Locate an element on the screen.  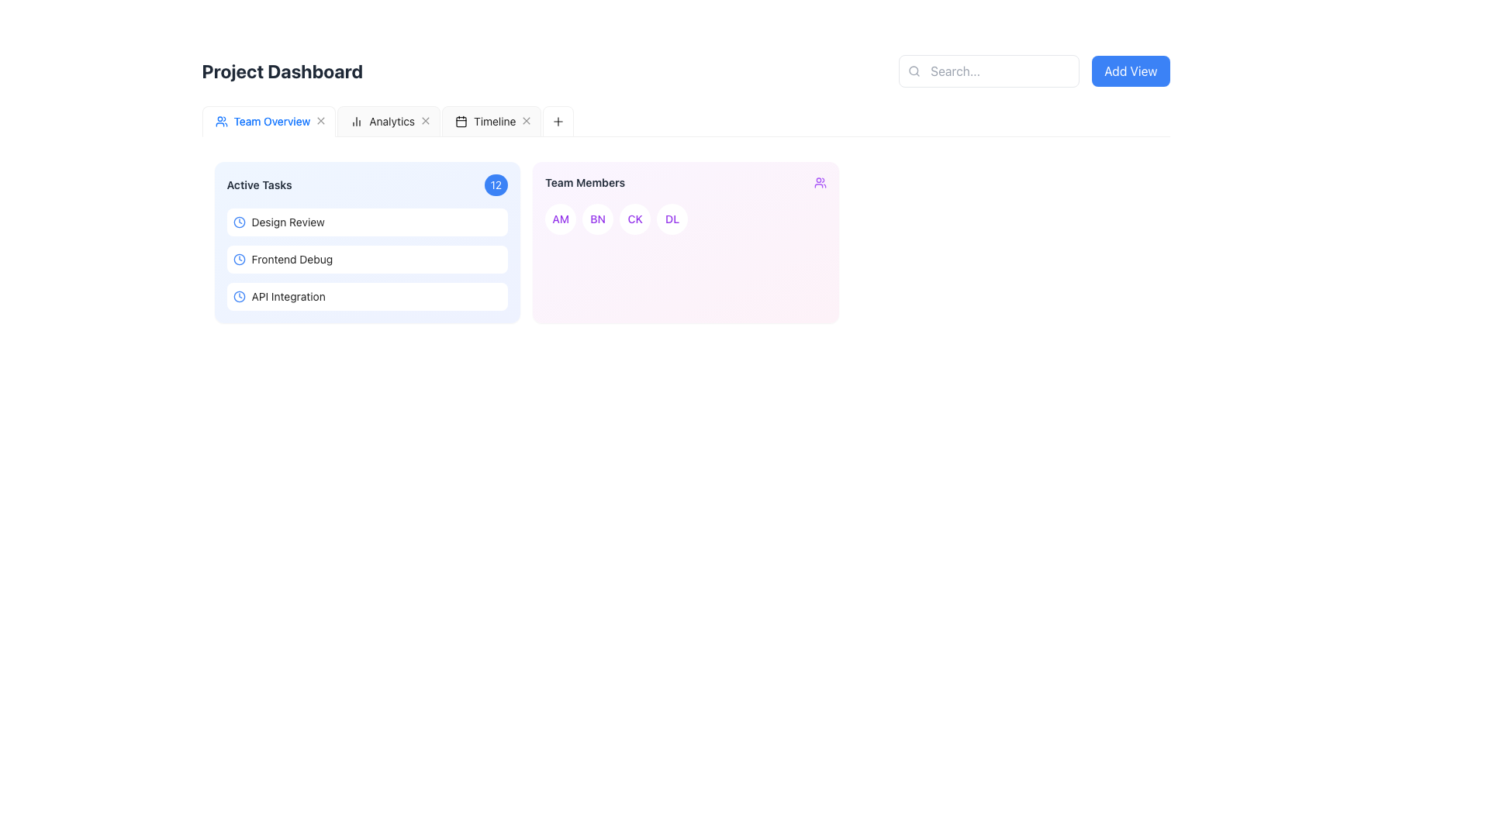
the 'Add Tab' button on the horizontal tab navigation component to create a new tab is located at coordinates (685, 121).